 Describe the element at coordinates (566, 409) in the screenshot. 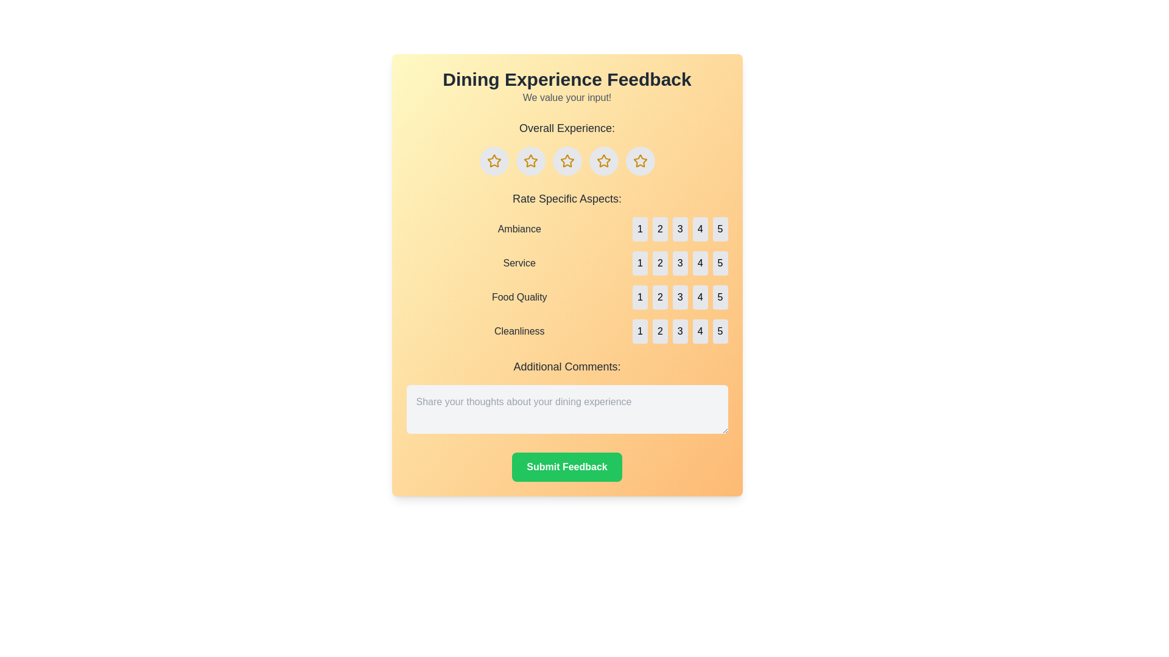

I see `the text input box for additional comments to focus and activate it` at that location.